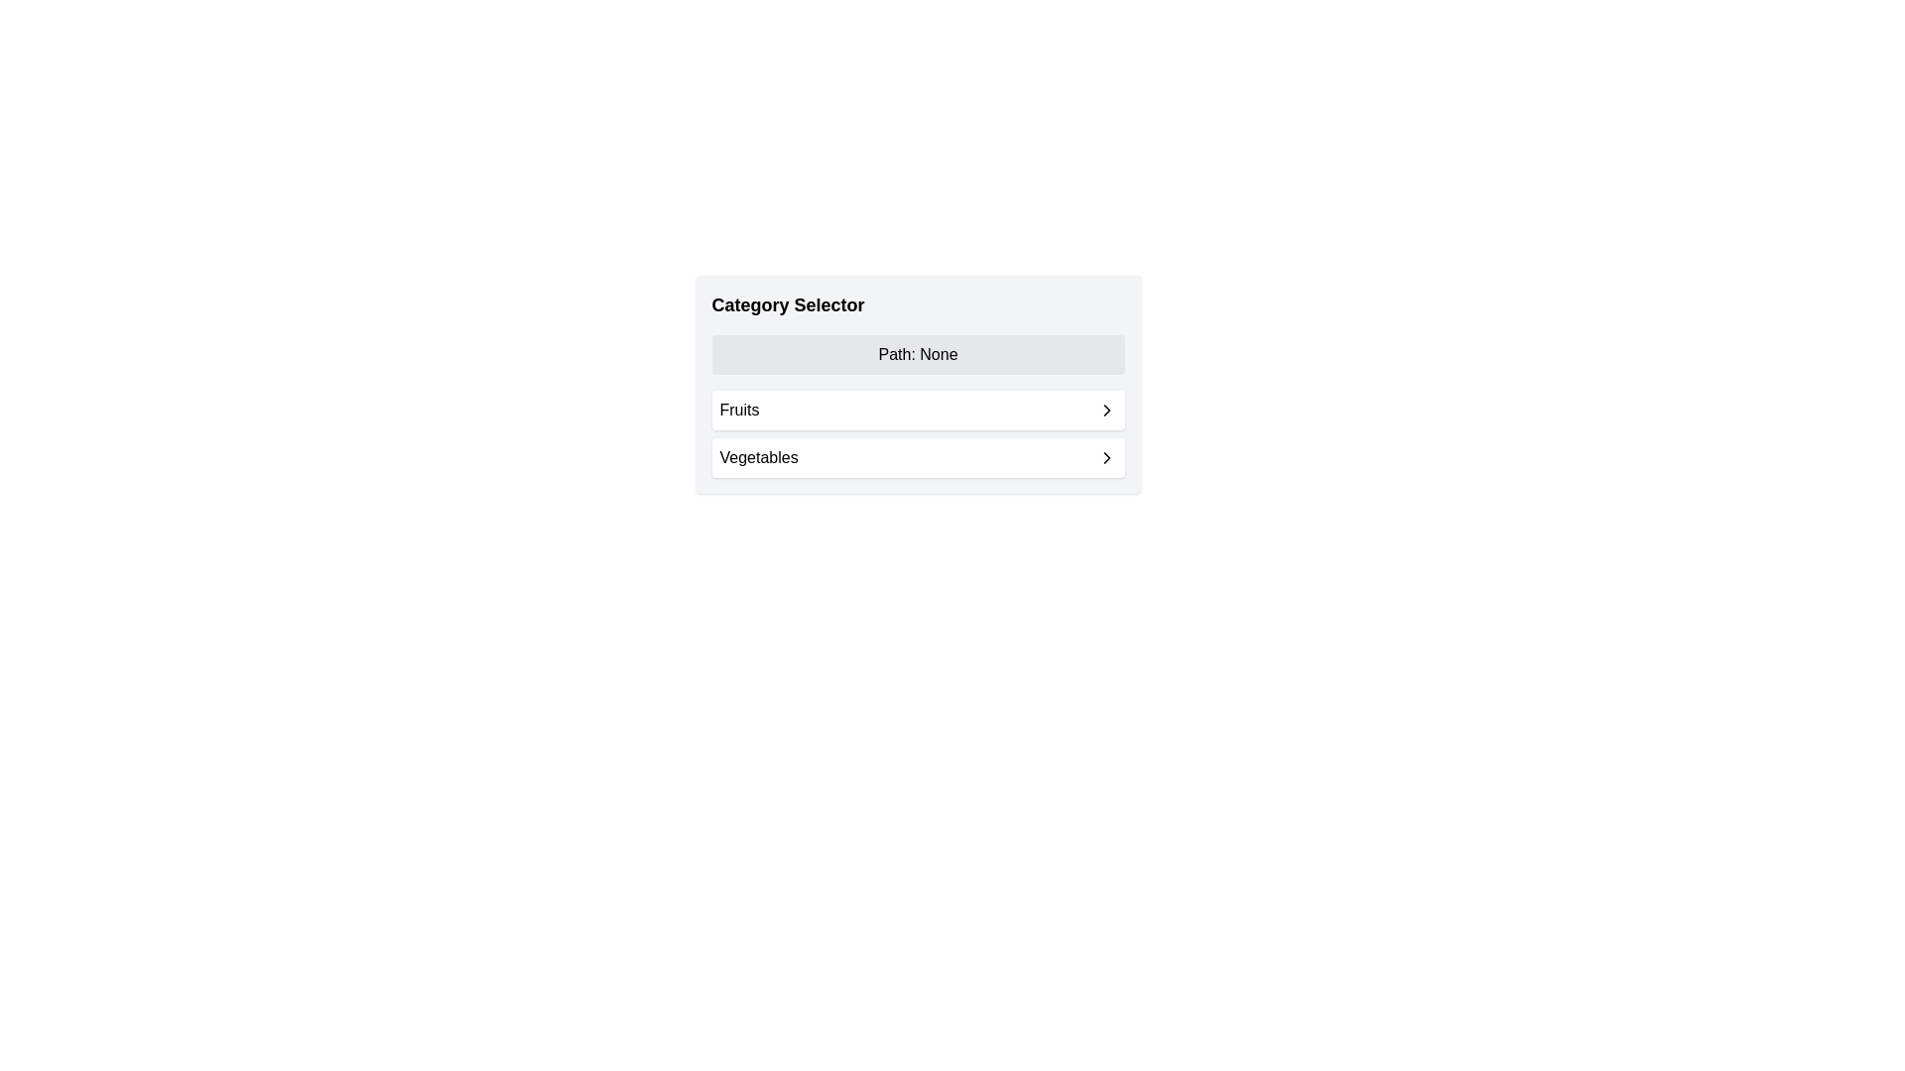 This screenshot has width=1905, height=1071. I want to click on keyboard navigation, so click(1105, 458).